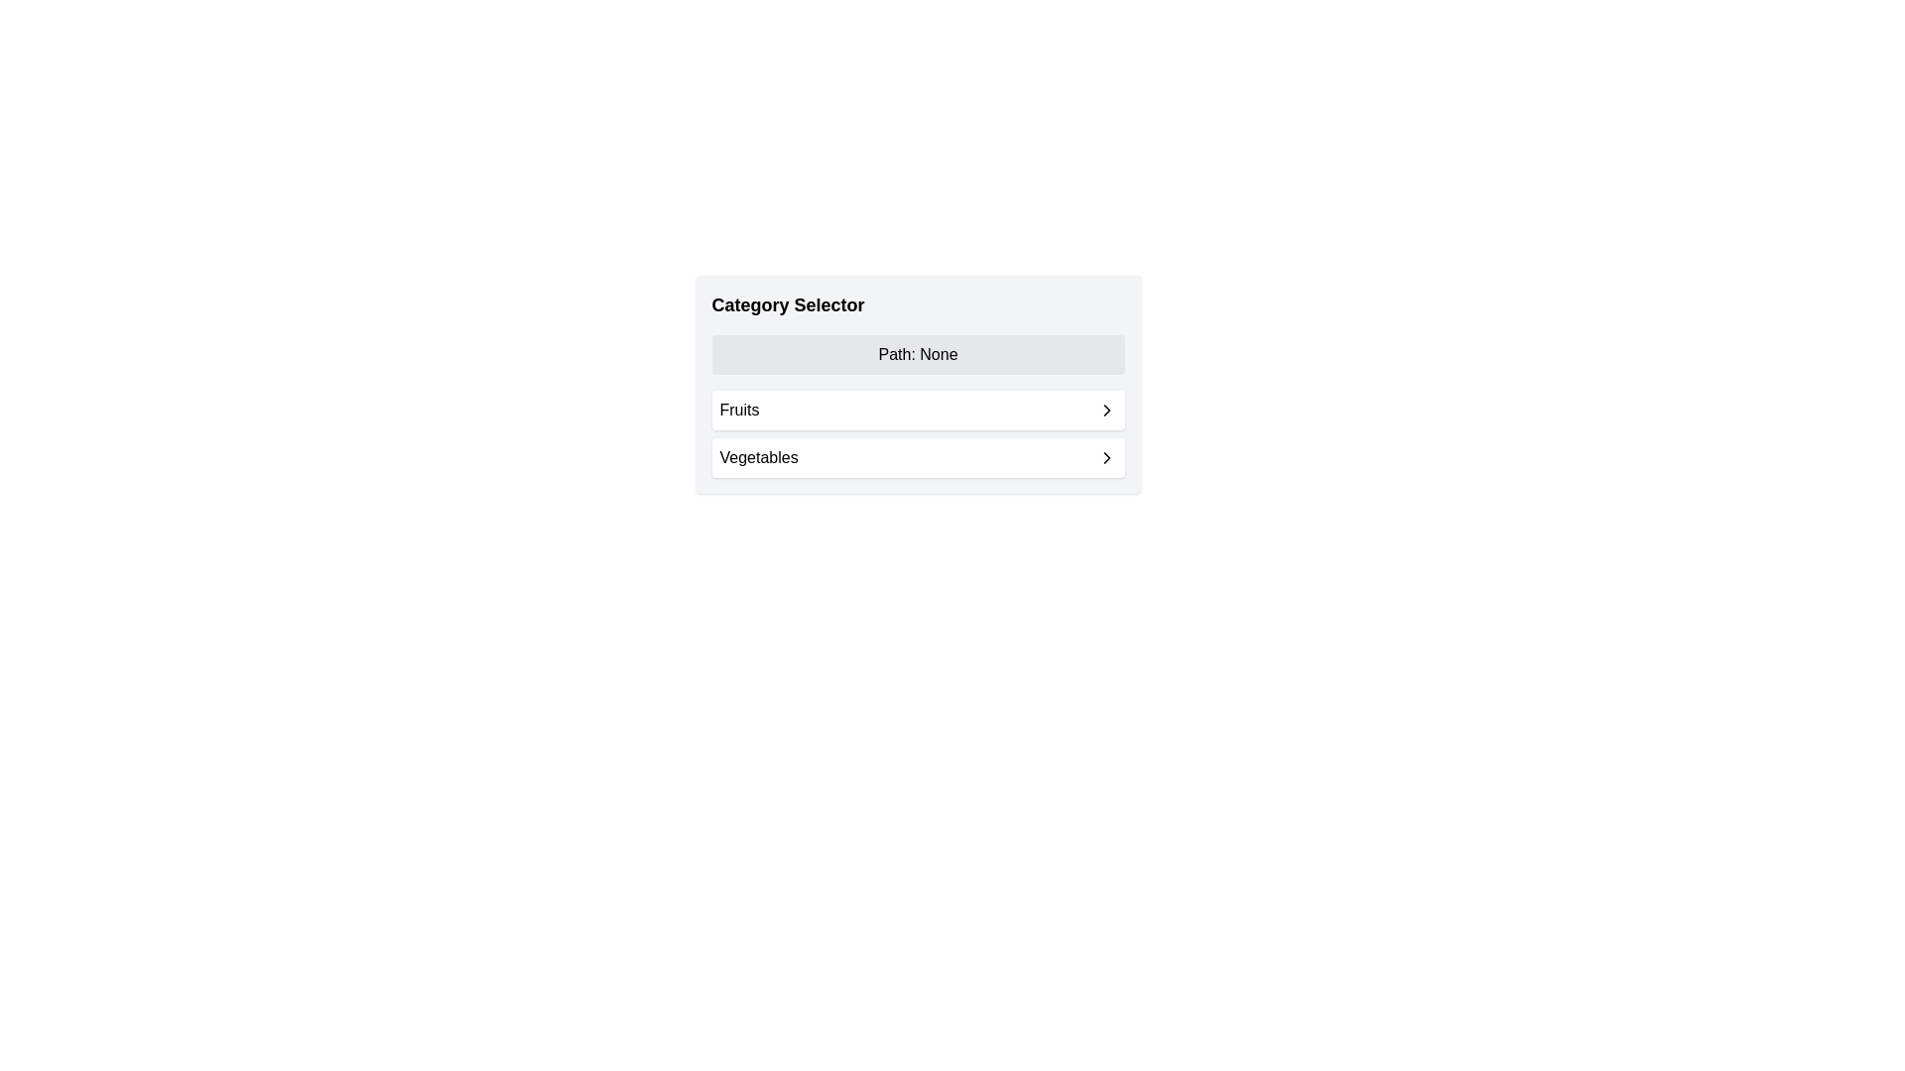 This screenshot has width=1905, height=1071. I want to click on keyboard navigation, so click(1105, 458).